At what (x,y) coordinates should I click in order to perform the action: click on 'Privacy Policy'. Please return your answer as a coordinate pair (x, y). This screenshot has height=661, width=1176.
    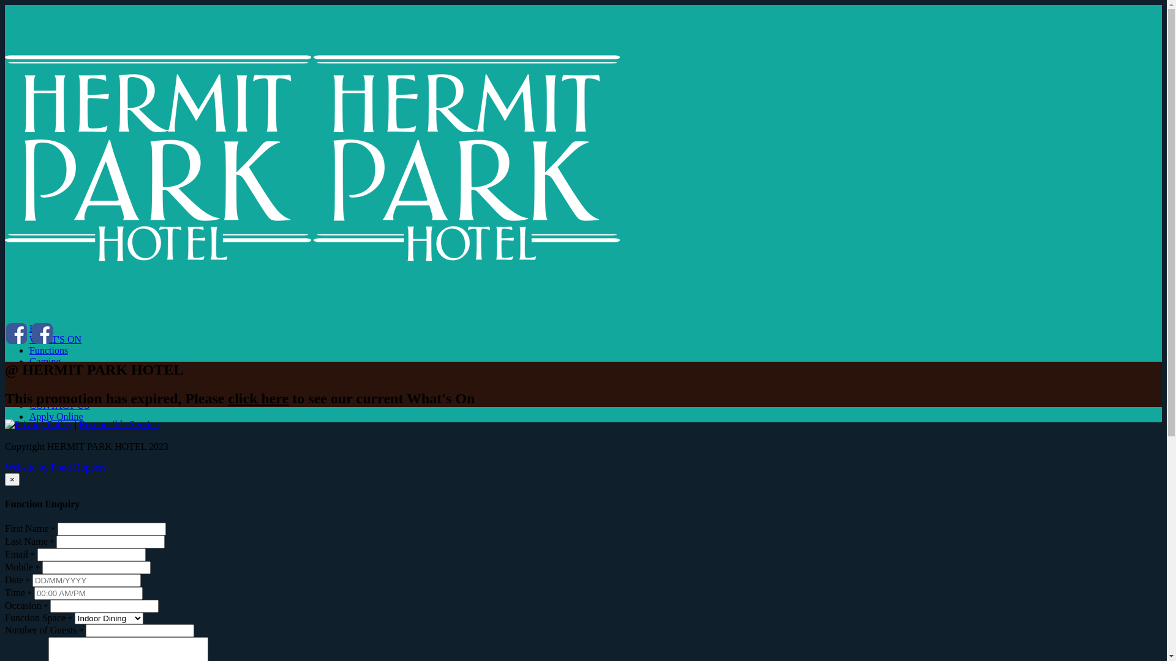
    Looking at the image, I should click on (43, 424).